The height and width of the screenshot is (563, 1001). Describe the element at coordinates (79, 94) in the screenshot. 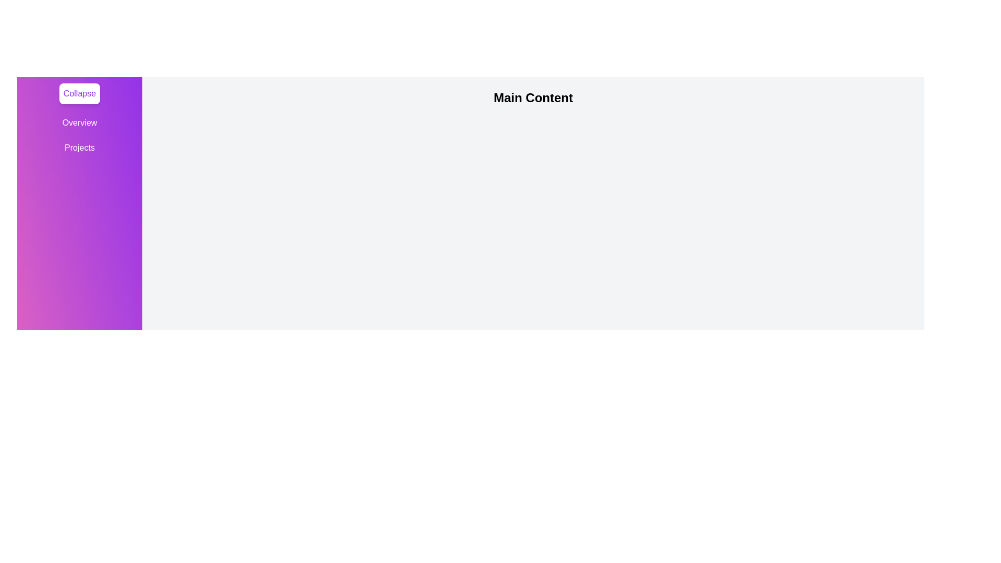

I see `the button labeled 'Collapse' to toggle the drawer visibility` at that location.